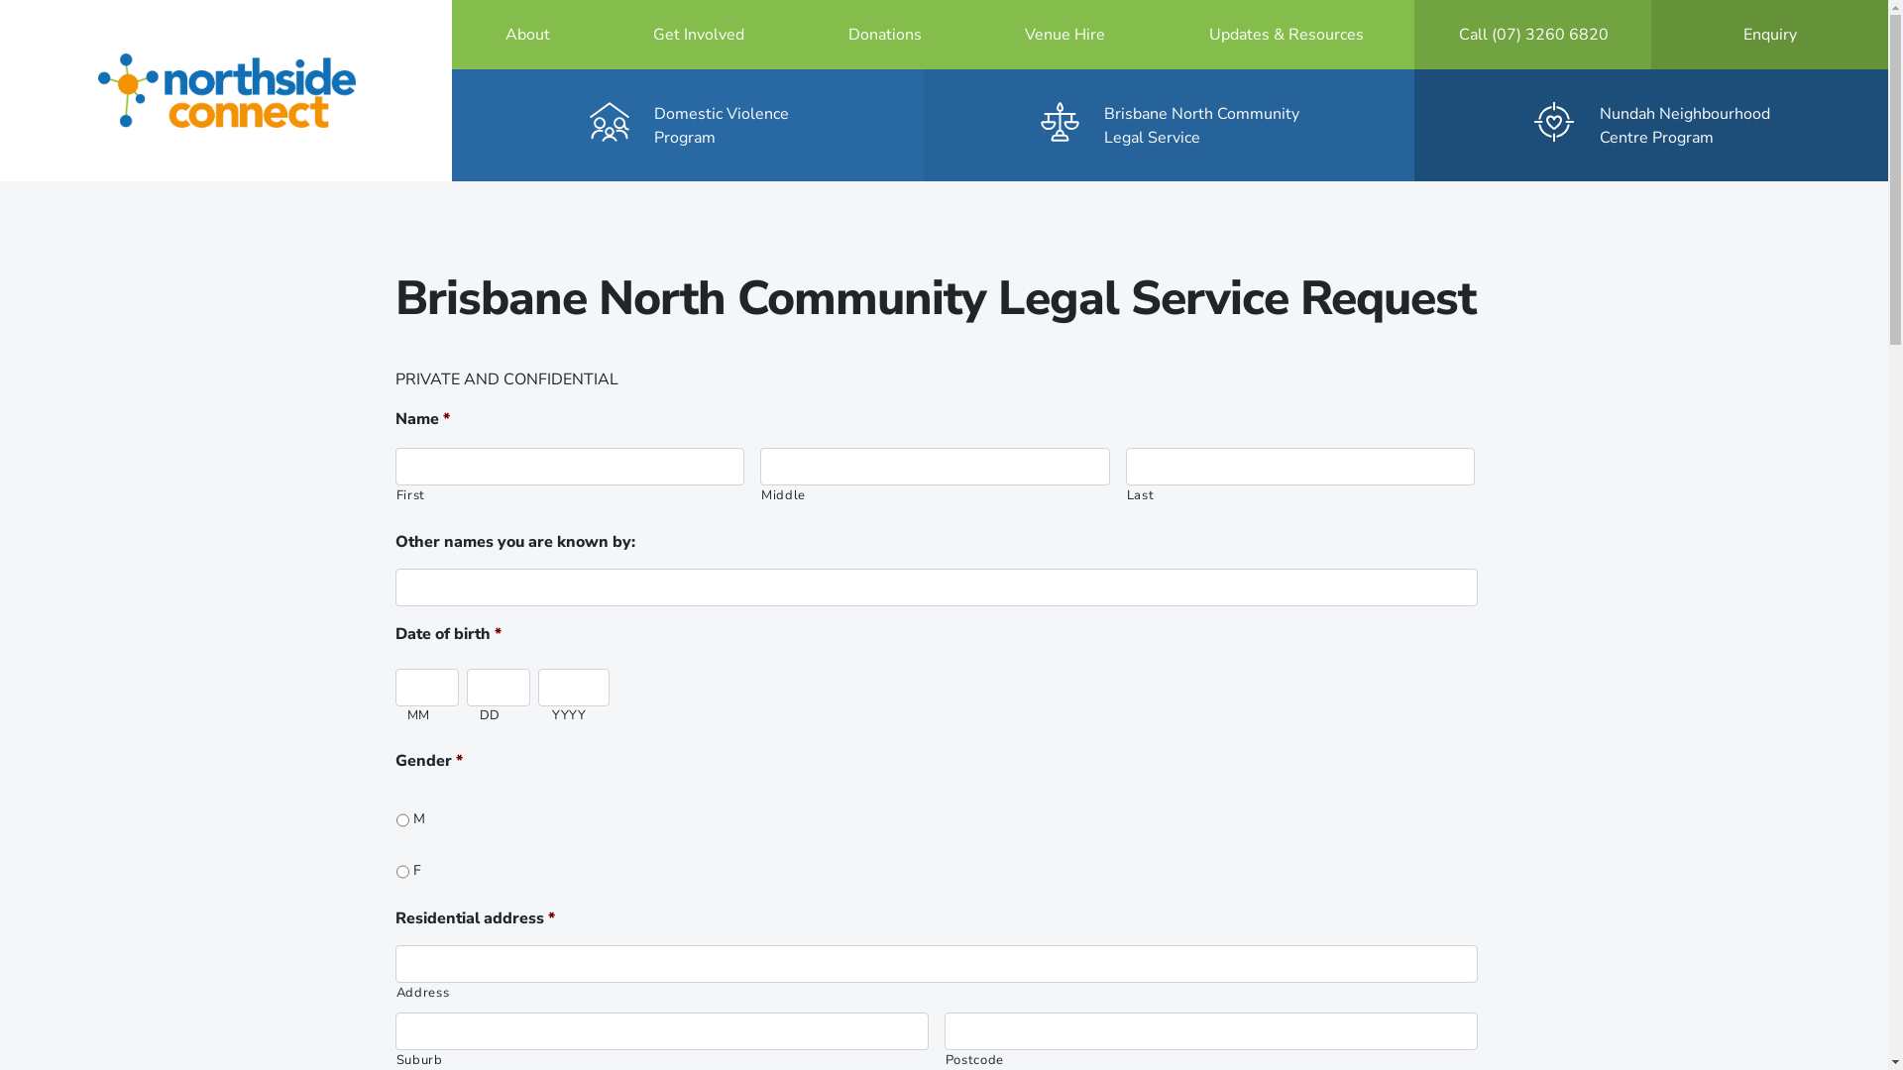 The width and height of the screenshot is (1903, 1070). Describe the element at coordinates (699, 34) in the screenshot. I see `'Get Involved'` at that location.